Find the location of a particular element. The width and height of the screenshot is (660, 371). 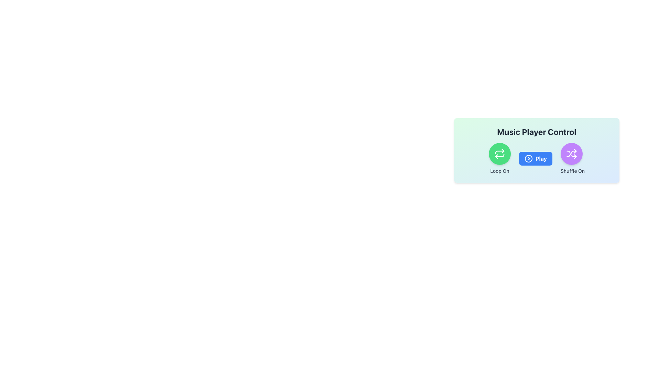

the middle button in the music player control panel is located at coordinates (535, 159).